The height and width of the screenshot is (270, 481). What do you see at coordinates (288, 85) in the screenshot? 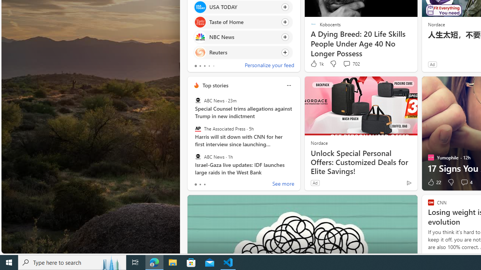
I see `'Class: icon-img'` at bounding box center [288, 85].